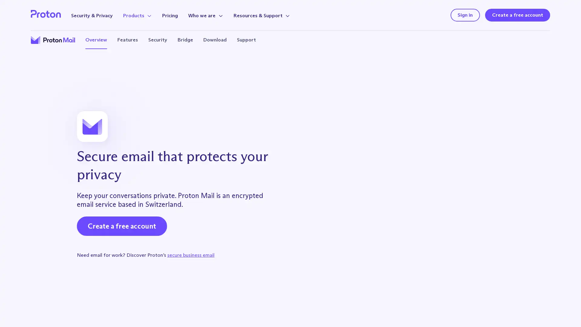 This screenshot has width=581, height=327. I want to click on Resources & Support, so click(261, 15).